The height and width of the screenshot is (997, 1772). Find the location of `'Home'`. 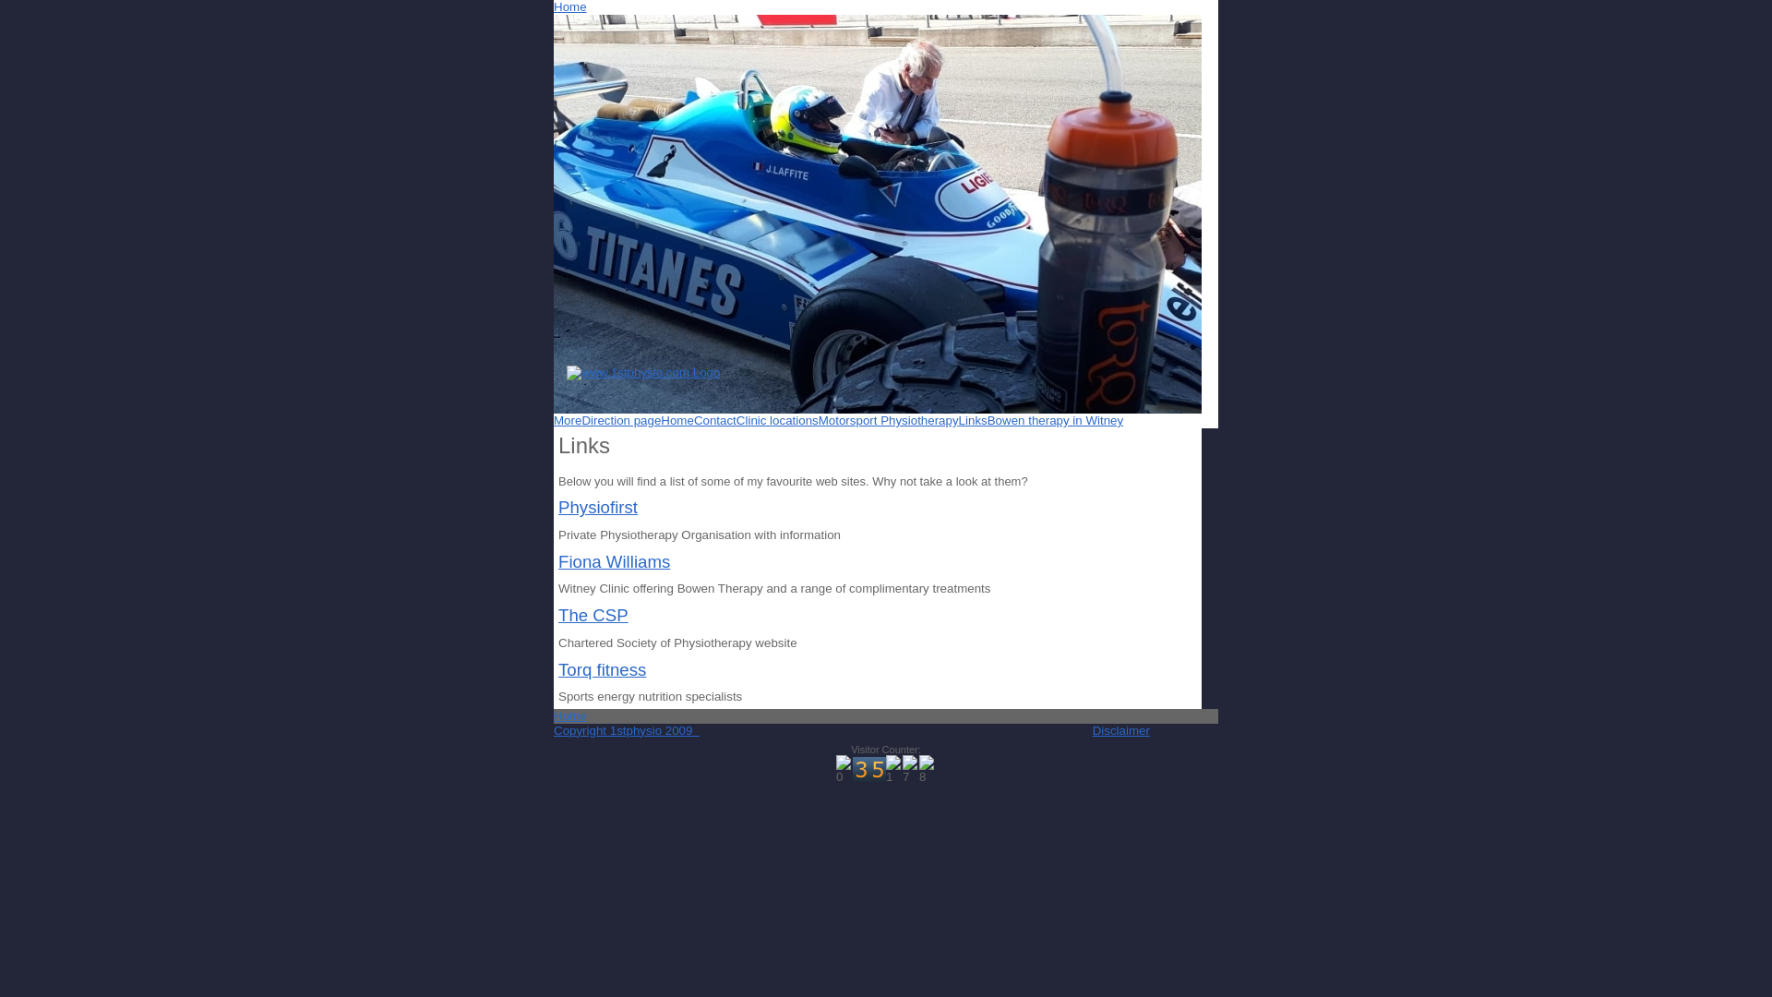

'Home' is located at coordinates (569, 6).